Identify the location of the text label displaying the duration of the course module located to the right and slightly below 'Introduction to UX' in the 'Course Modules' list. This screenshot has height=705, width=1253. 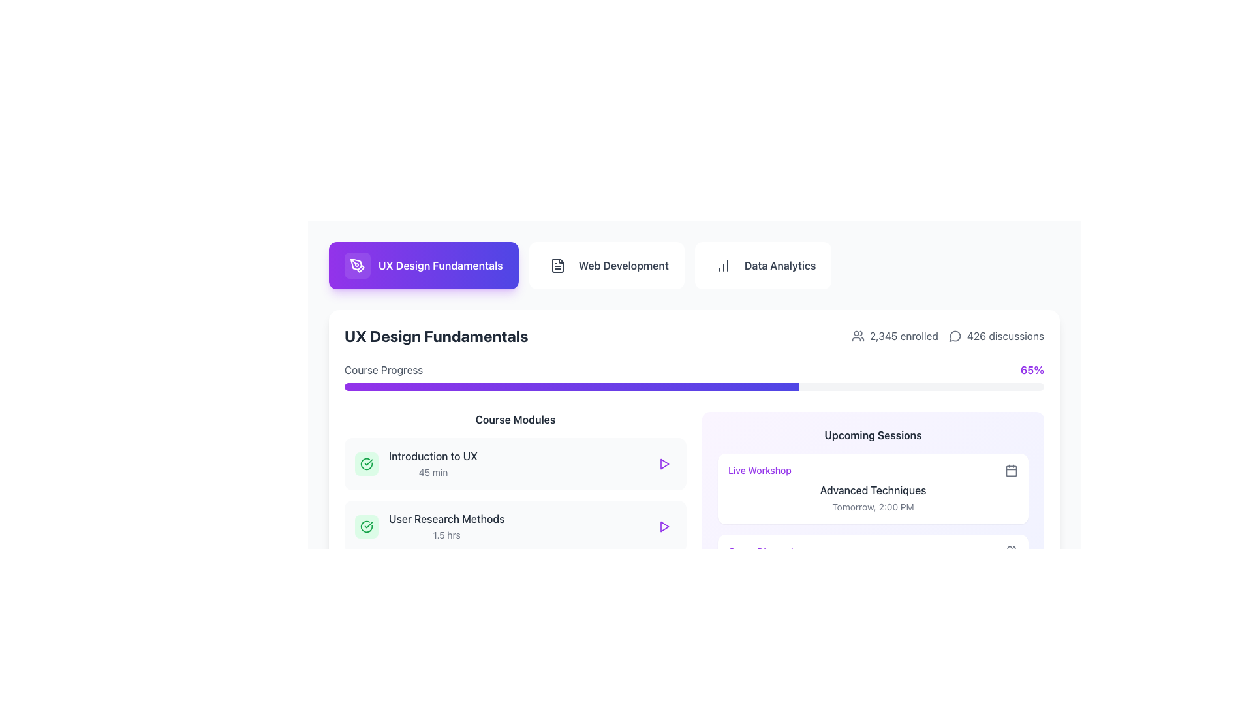
(433, 472).